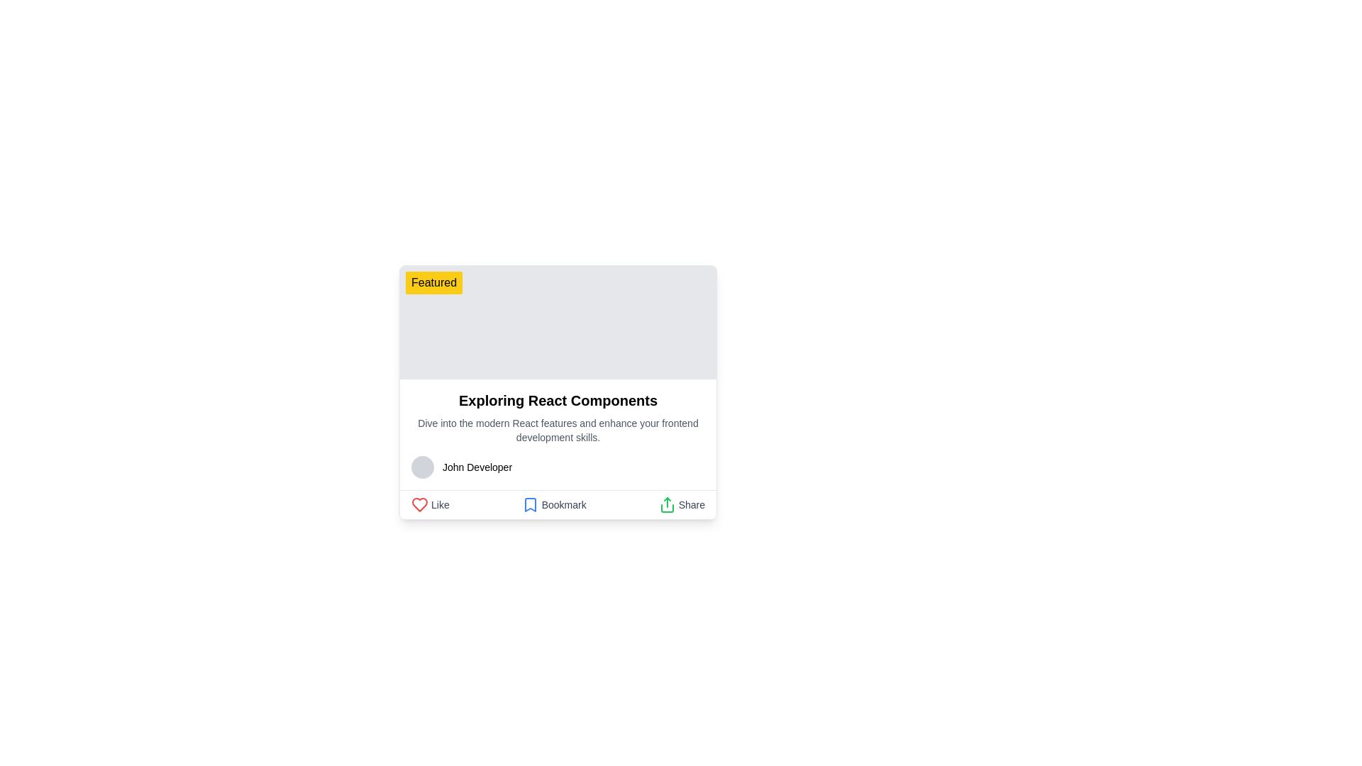  What do you see at coordinates (682, 504) in the screenshot?
I see `the rightmost button in the horizontal row at the bottom of the content card to initiate the sharing action` at bounding box center [682, 504].